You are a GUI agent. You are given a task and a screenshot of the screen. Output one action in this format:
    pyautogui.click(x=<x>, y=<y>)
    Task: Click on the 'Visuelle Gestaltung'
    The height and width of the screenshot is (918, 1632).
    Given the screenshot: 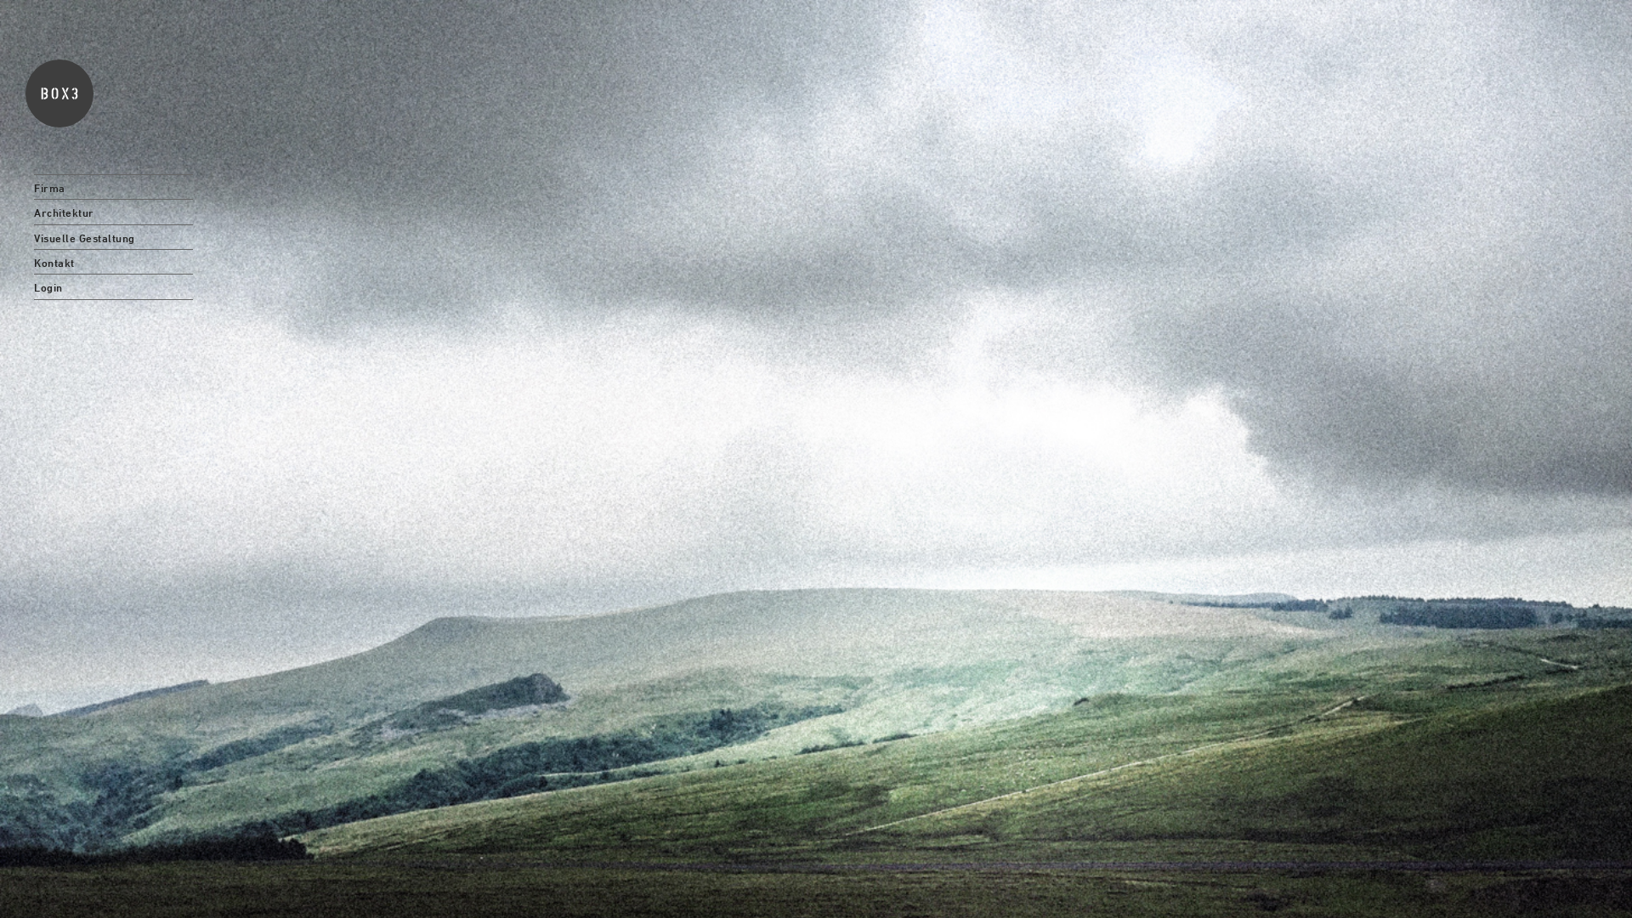 What is the action you would take?
    pyautogui.click(x=112, y=236)
    